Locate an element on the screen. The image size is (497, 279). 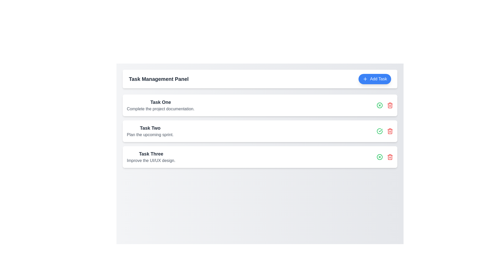
text content of the Text Display that shows 'Task Three' and 'Improve the UI/UX design.' located in the third task entry under 'Task Management Panel' is located at coordinates (151, 157).